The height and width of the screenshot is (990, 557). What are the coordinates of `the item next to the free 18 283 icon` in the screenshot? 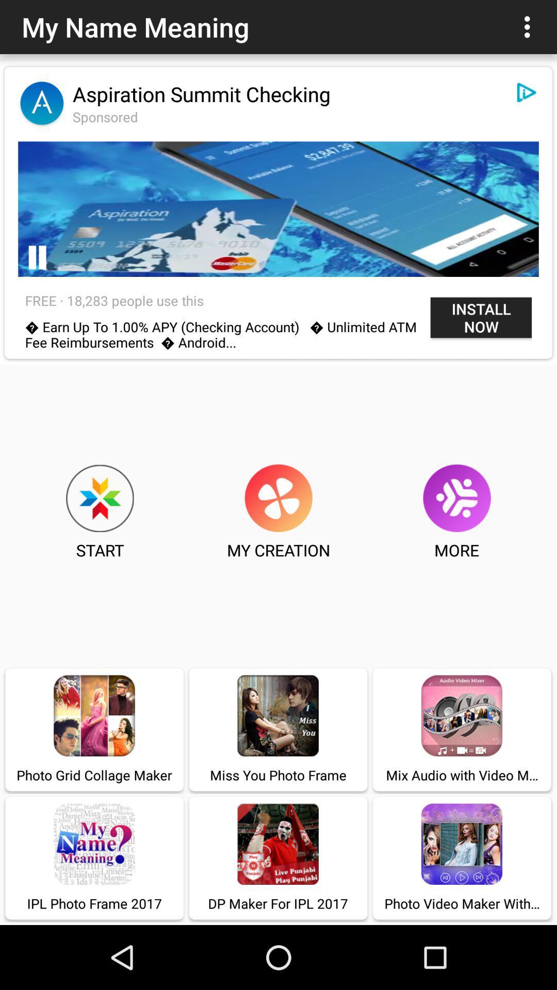 It's located at (481, 317).